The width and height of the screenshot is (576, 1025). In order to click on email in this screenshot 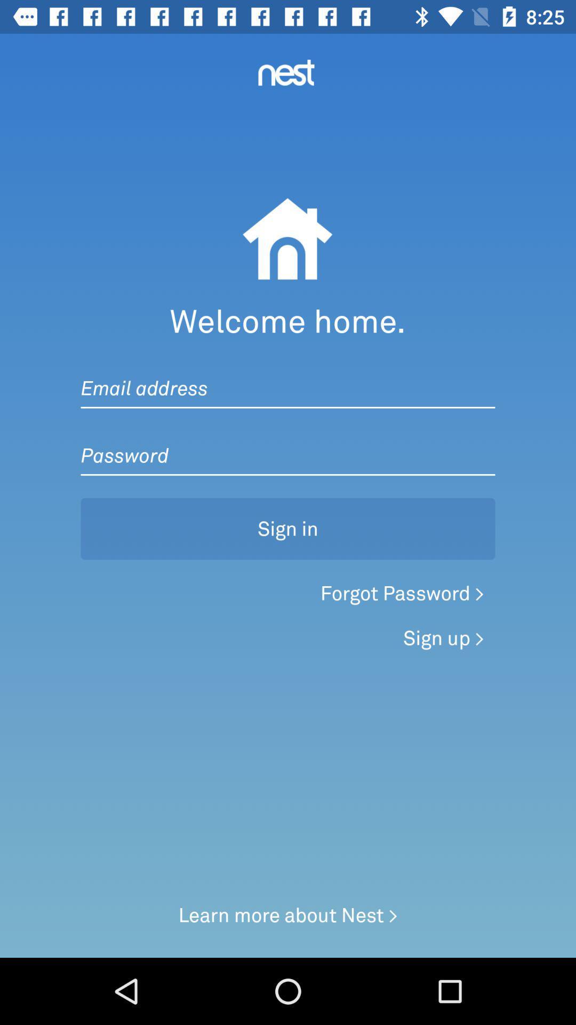, I will do `click(288, 377)`.